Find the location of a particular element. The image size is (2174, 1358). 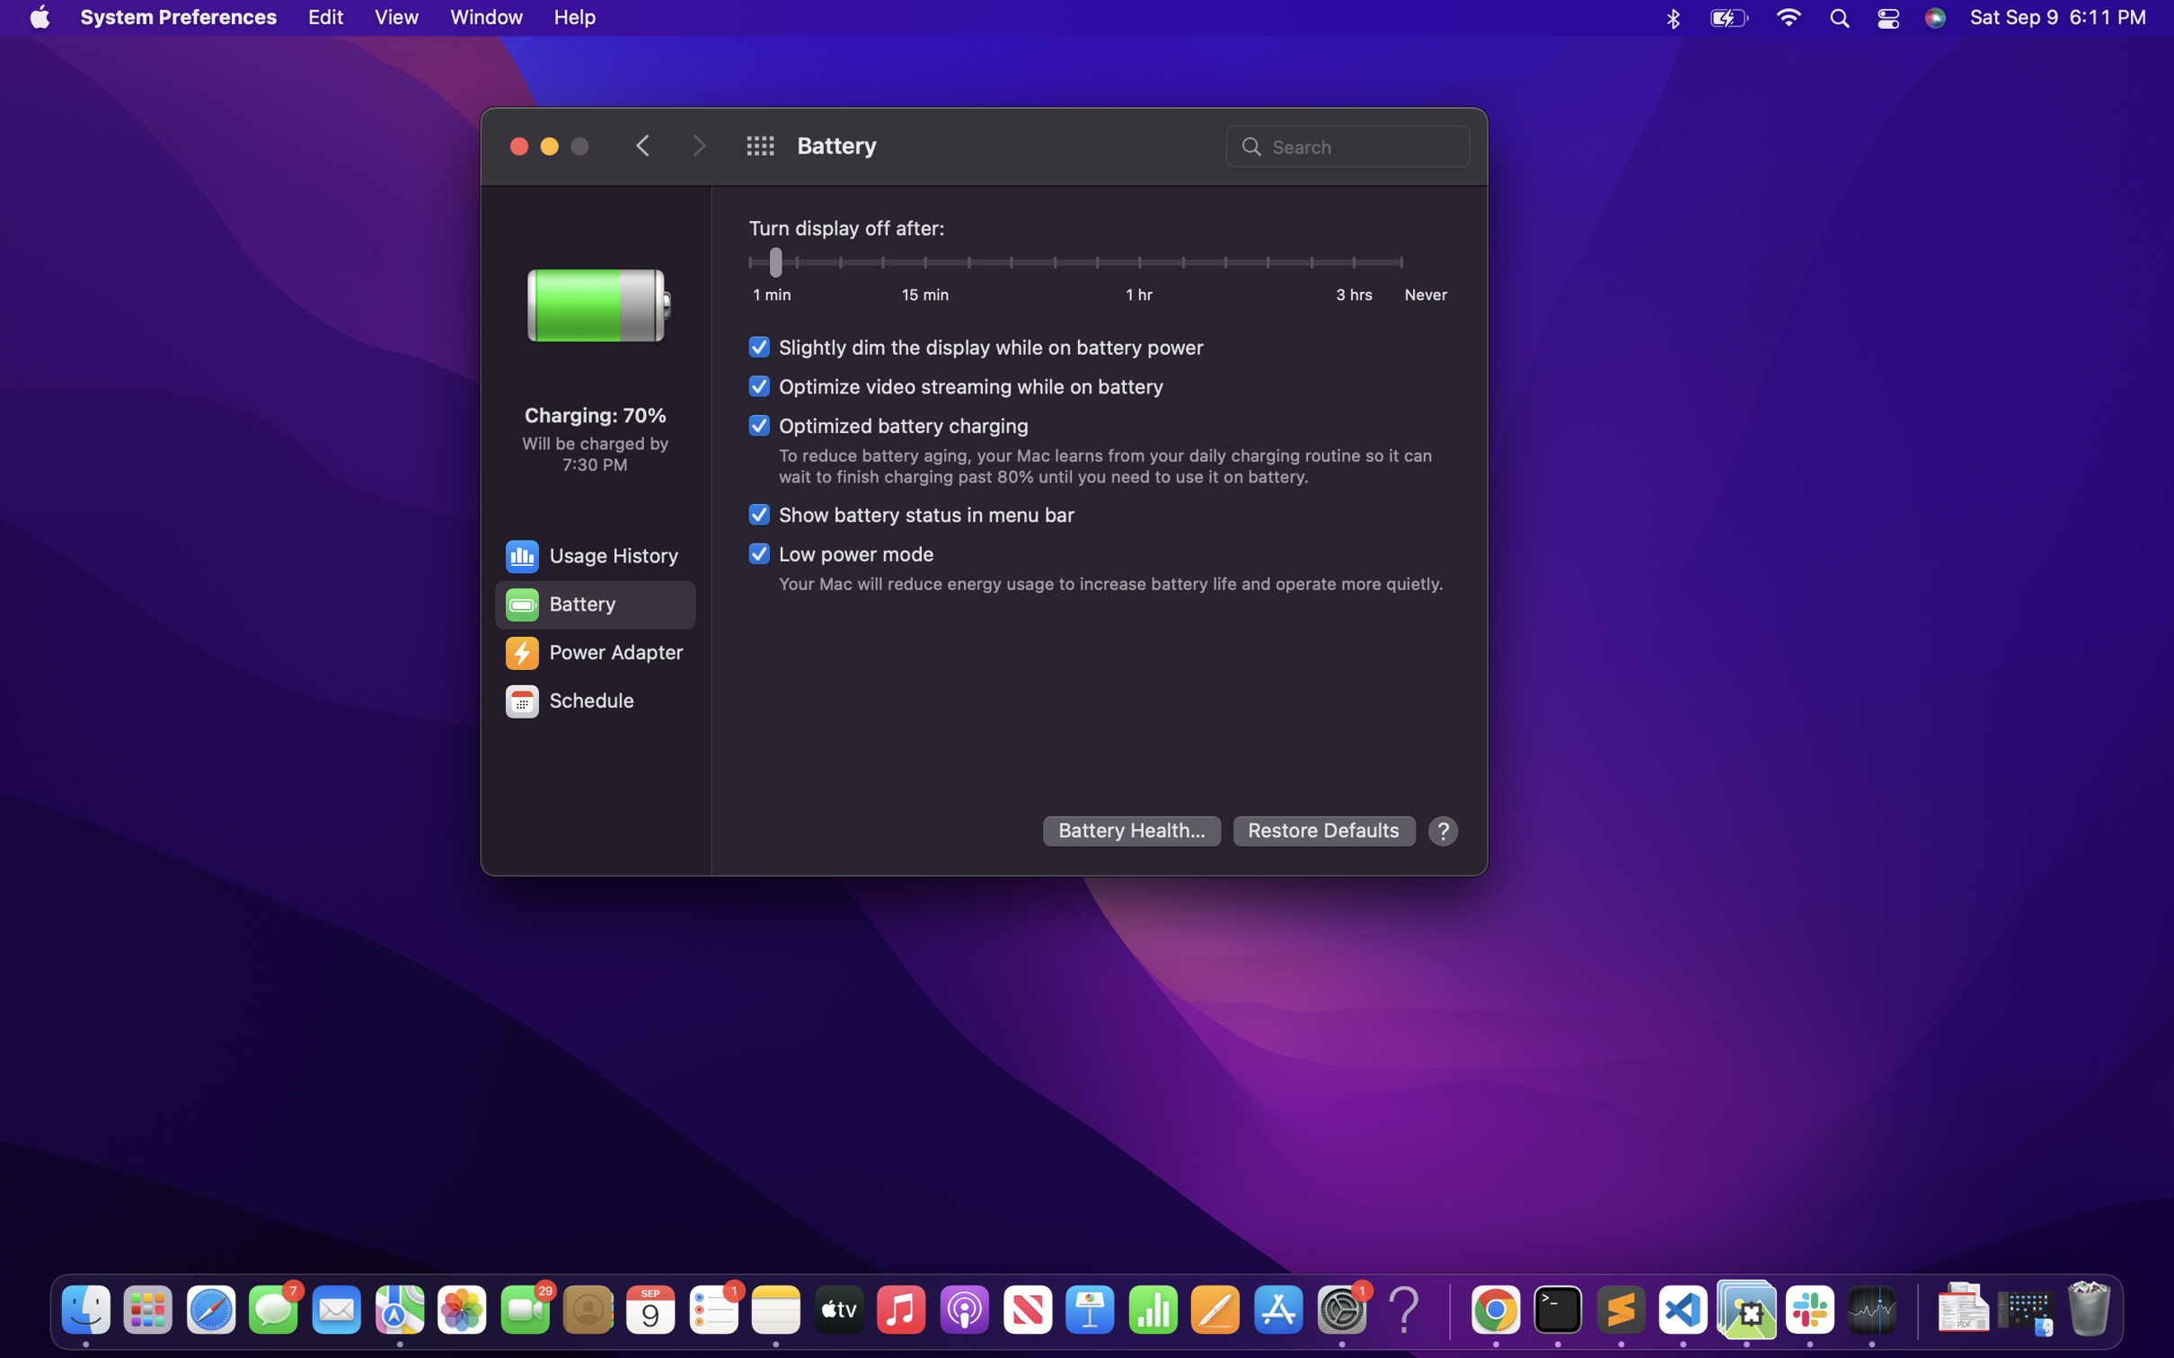

the "optimized battery charging" feature is located at coordinates (886, 425).